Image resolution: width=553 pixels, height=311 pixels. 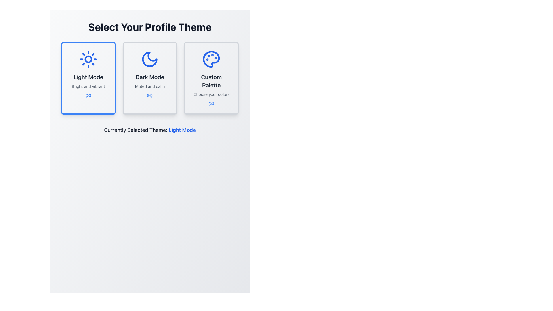 What do you see at coordinates (150, 95) in the screenshot?
I see `the decorative indicator icon for the 'Dark Mode' option located at the lower-central part of the theme selection panel` at bounding box center [150, 95].